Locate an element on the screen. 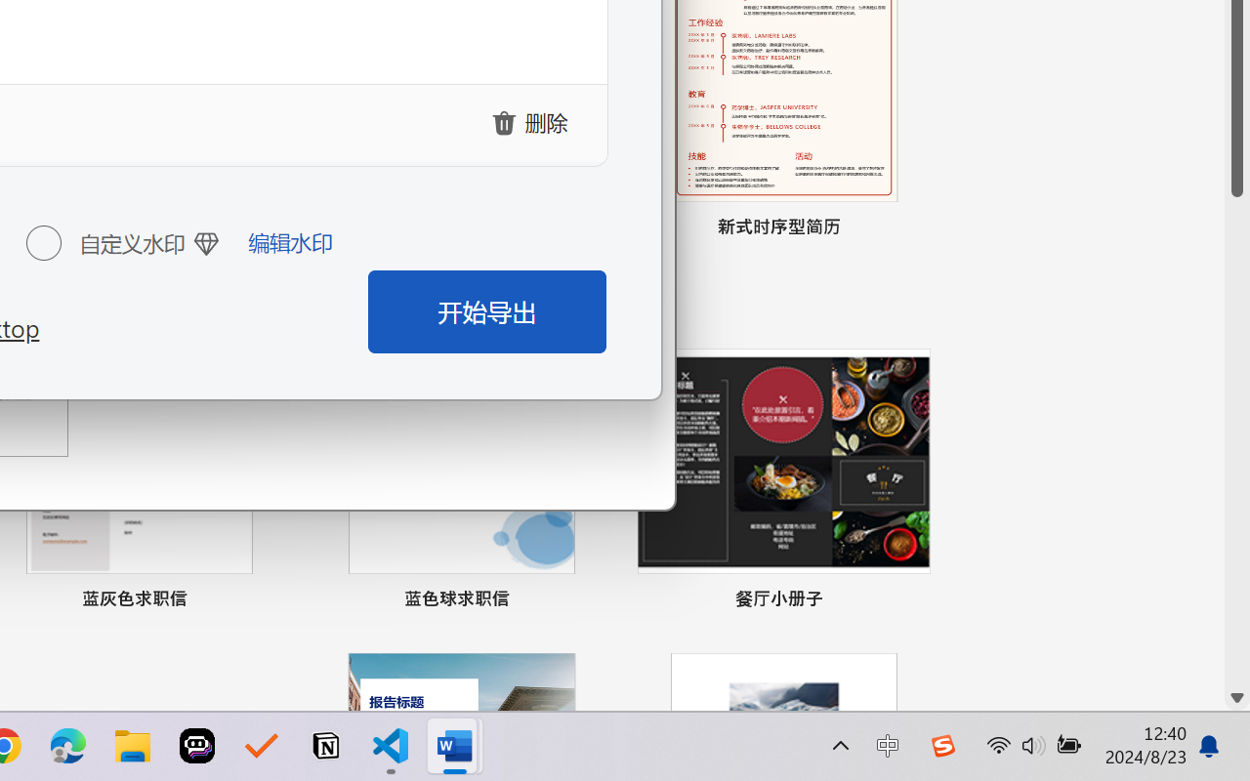 Image resolution: width=1250 pixels, height=781 pixels. 'Microsoft Edge' is located at coordinates (67, 746).